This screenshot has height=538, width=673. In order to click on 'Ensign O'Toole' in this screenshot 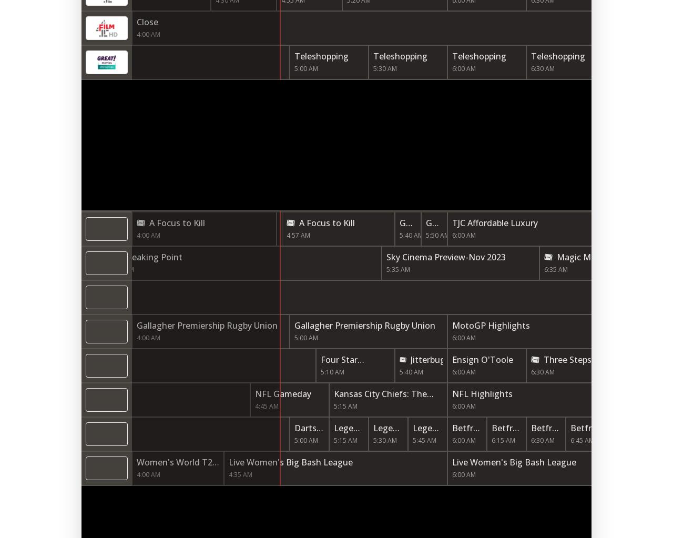, I will do `click(482, 359)`.